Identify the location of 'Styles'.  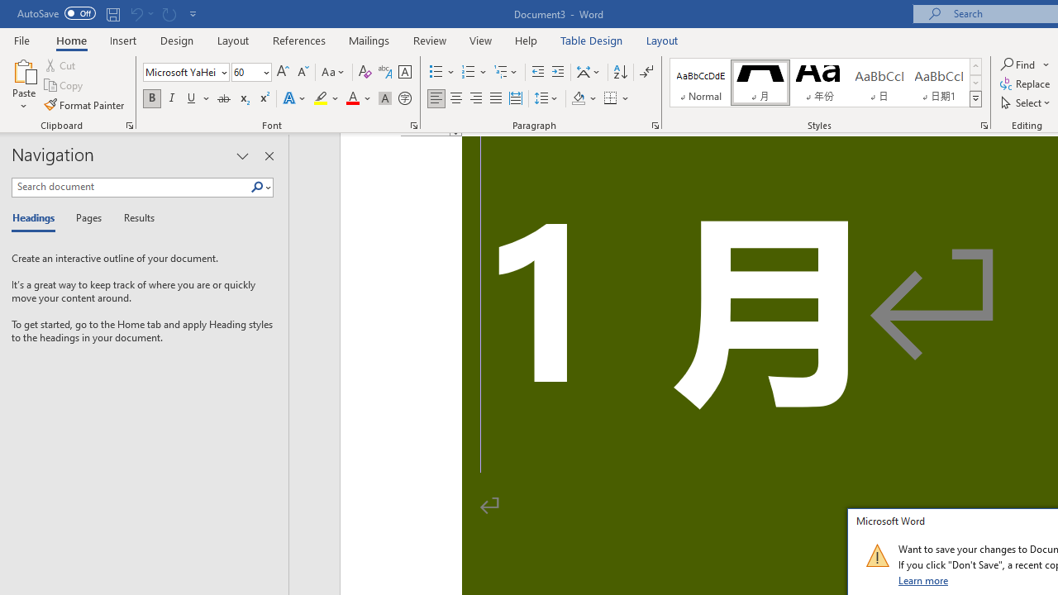
(975, 99).